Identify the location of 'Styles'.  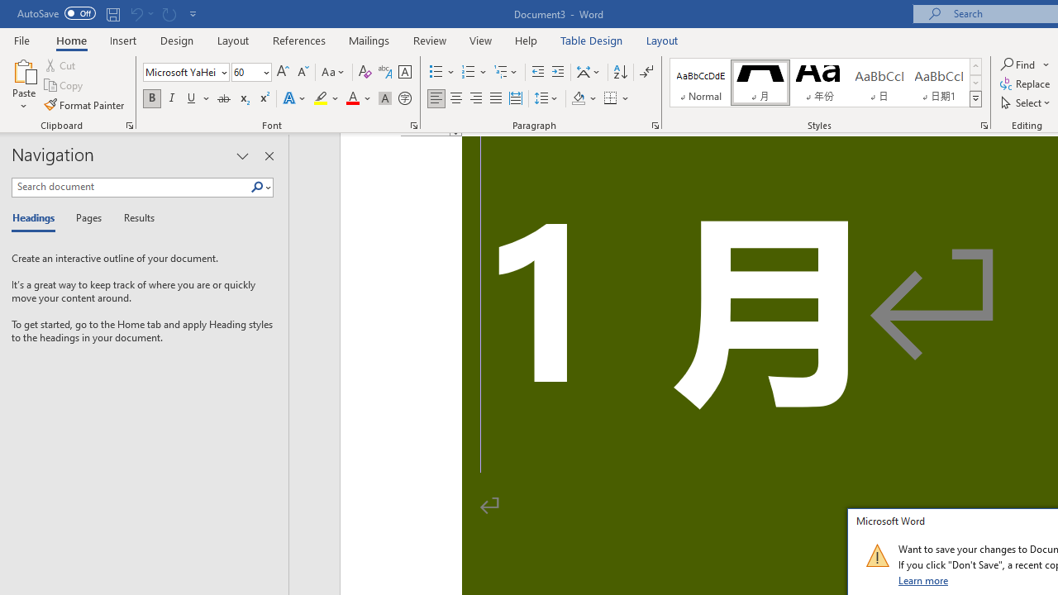
(975, 99).